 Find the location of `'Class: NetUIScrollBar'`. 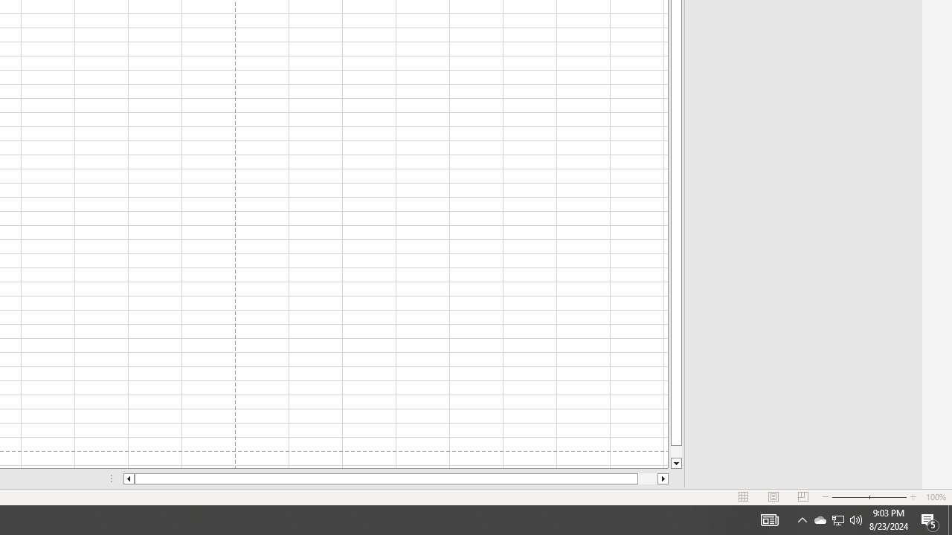

'Class: NetUIScrollBar' is located at coordinates (396, 479).